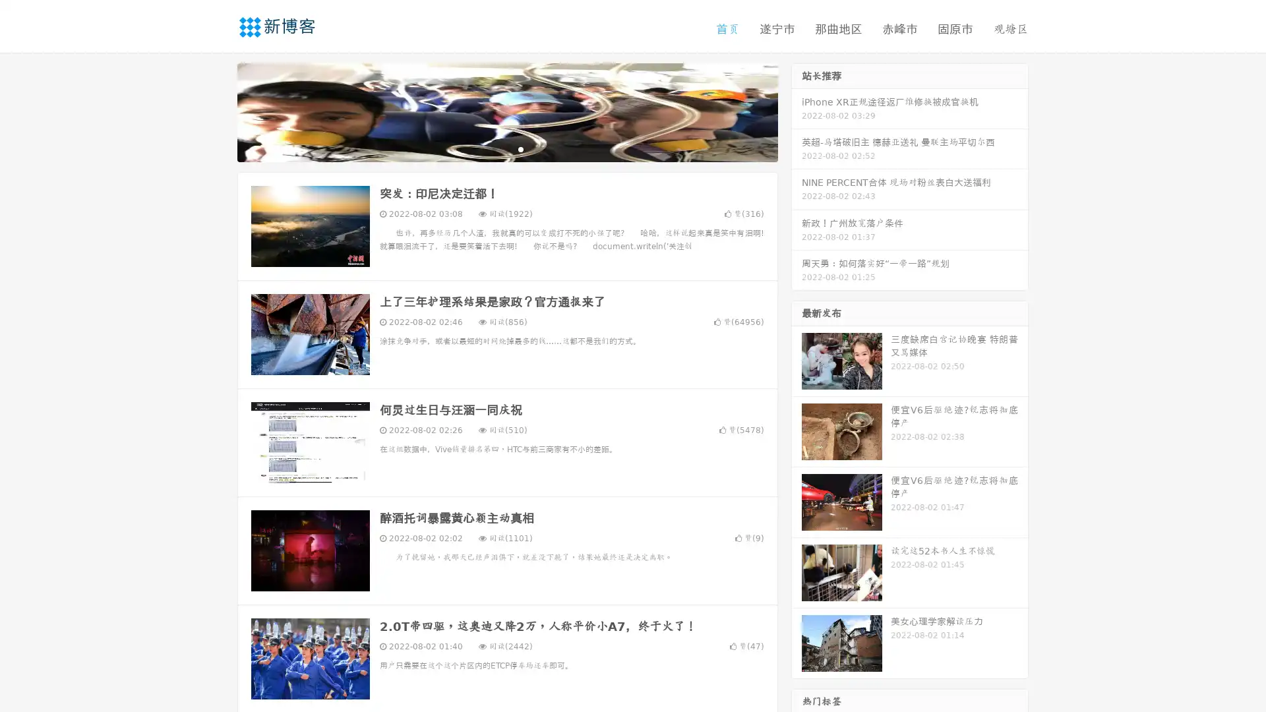 The width and height of the screenshot is (1266, 712). Describe the element at coordinates (520, 148) in the screenshot. I see `Go to slide 3` at that location.